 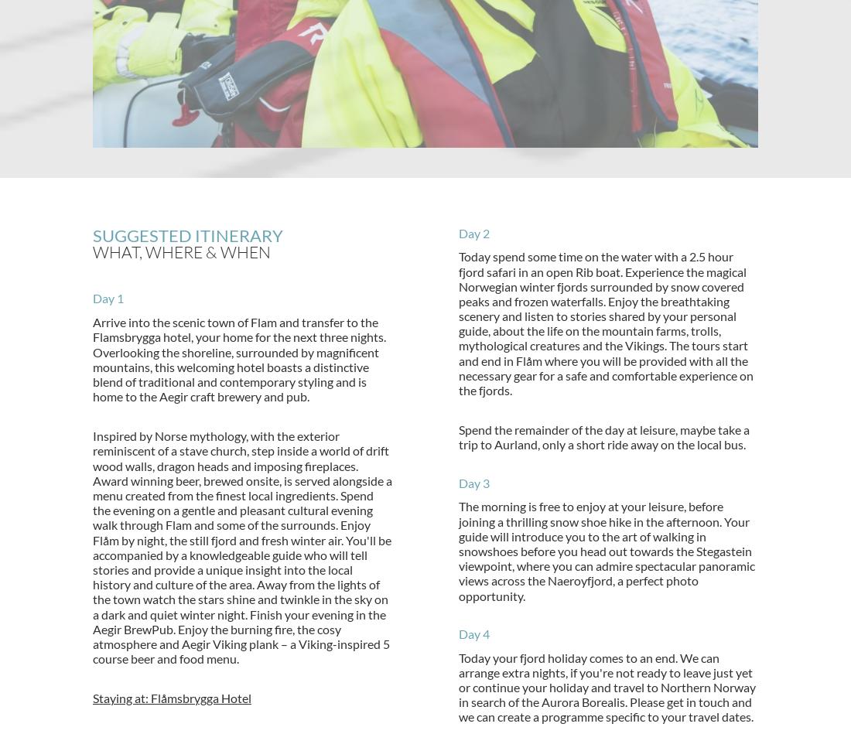 I want to click on 'Today your fjord holiday comes to an end. We can arrange extra nights, if you're not ready to leave just yet or continue your holiday and travel to Northern Norway in search of the Aurora Borealis. Please get in touch and we can create a programme specific to your travel dates.', so click(x=607, y=686).